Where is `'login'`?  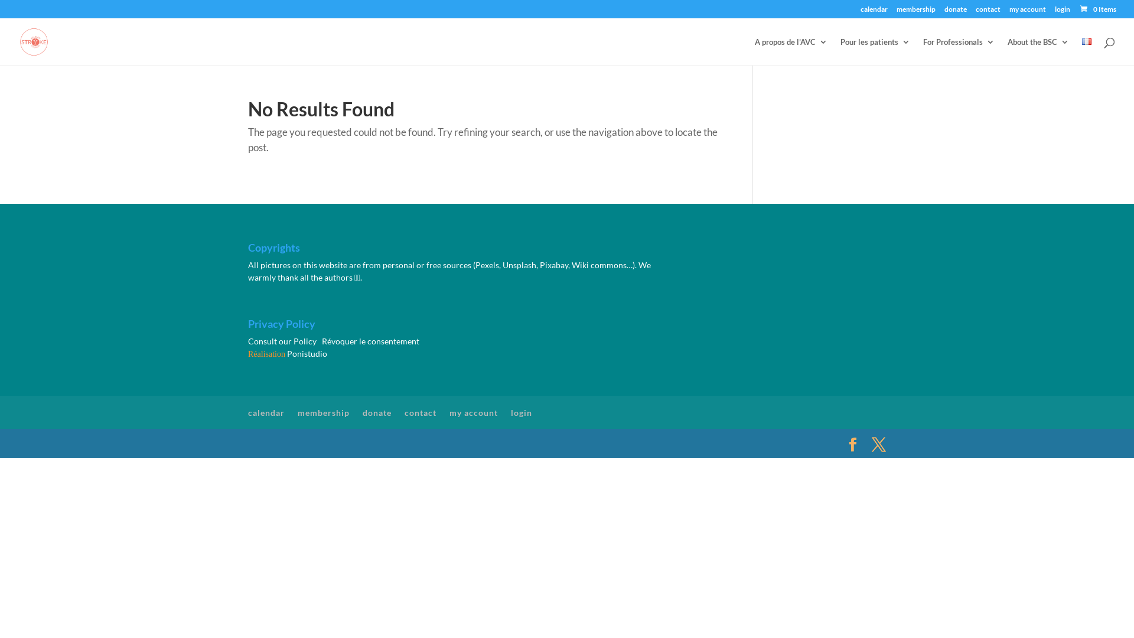
'login' is located at coordinates (521, 412).